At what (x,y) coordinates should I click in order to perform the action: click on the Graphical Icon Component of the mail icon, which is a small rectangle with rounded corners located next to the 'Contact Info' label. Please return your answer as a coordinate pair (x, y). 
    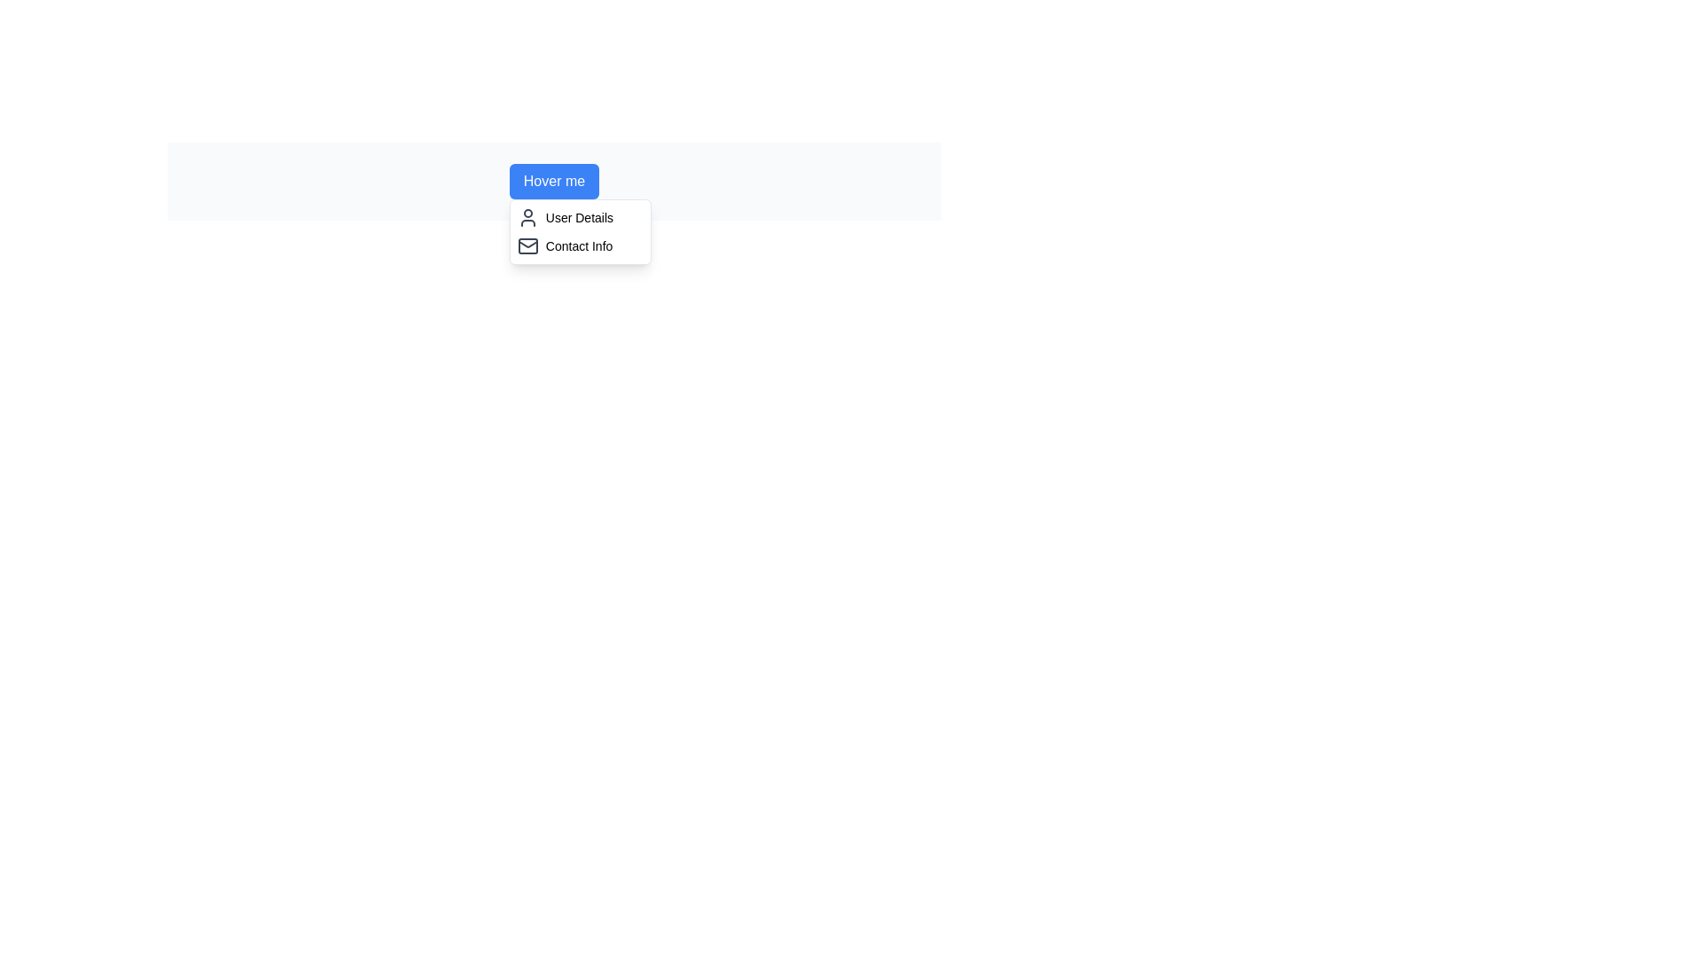
    Looking at the image, I should click on (527, 245).